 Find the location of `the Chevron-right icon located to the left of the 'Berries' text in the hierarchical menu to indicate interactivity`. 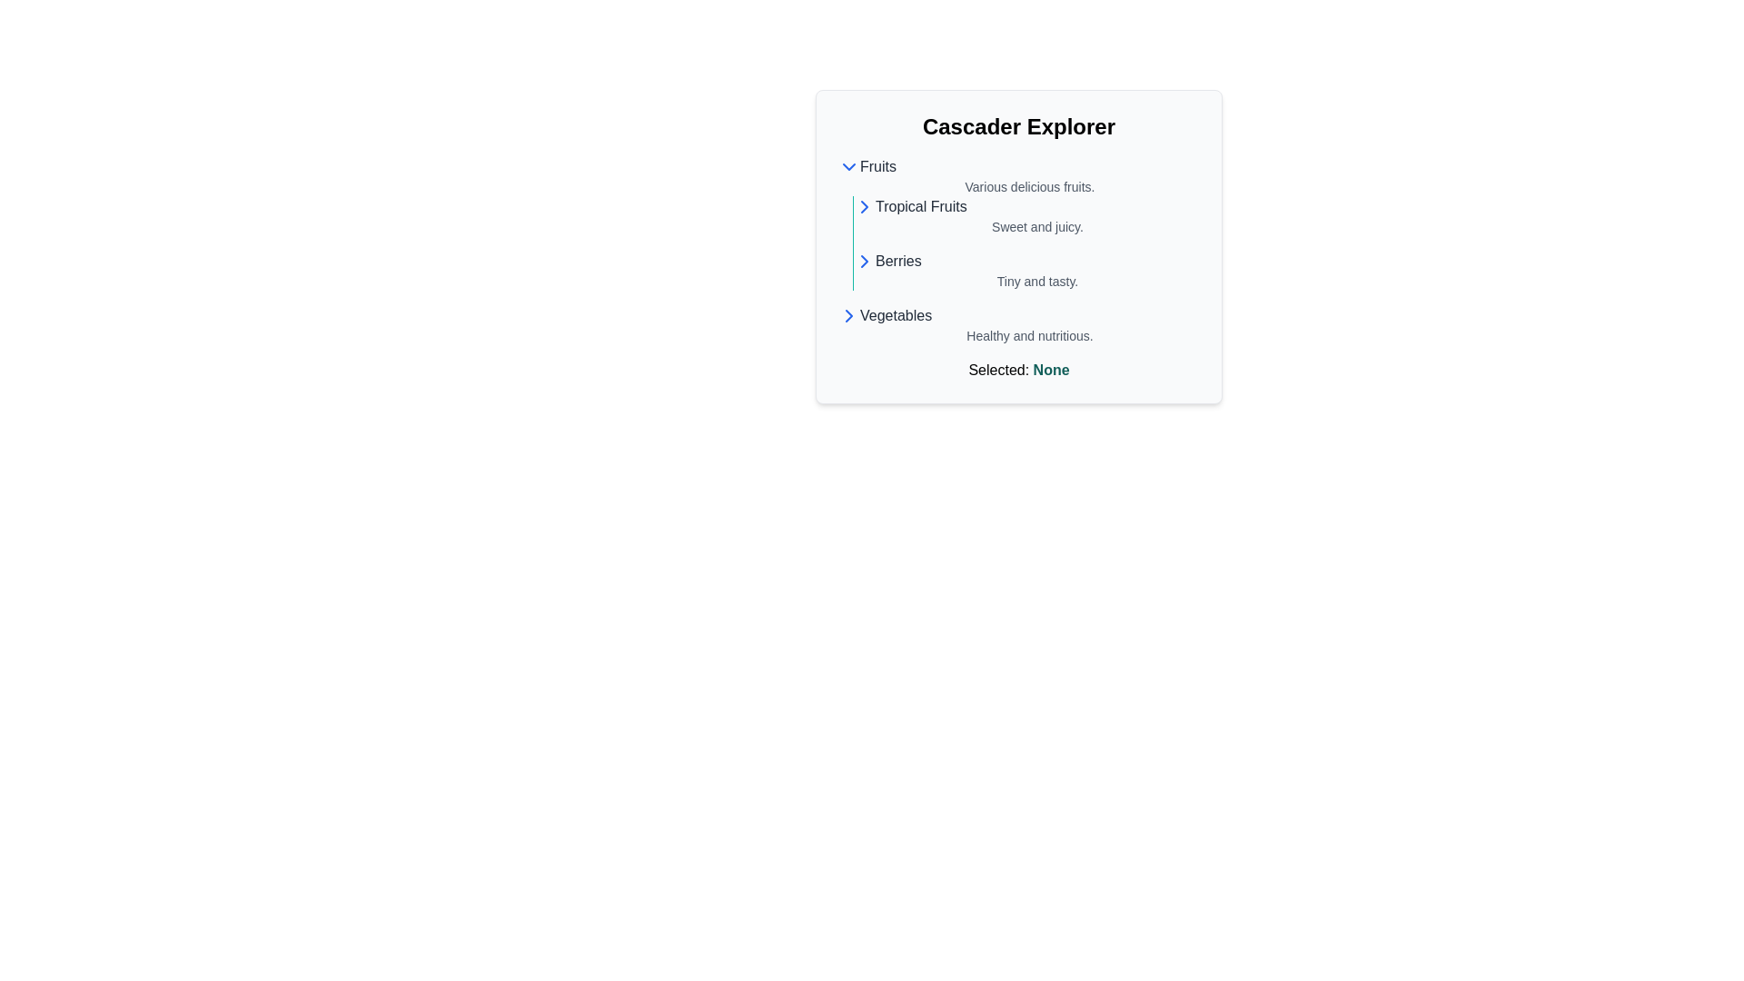

the Chevron-right icon located to the left of the 'Berries' text in the hierarchical menu to indicate interactivity is located at coordinates (863, 262).